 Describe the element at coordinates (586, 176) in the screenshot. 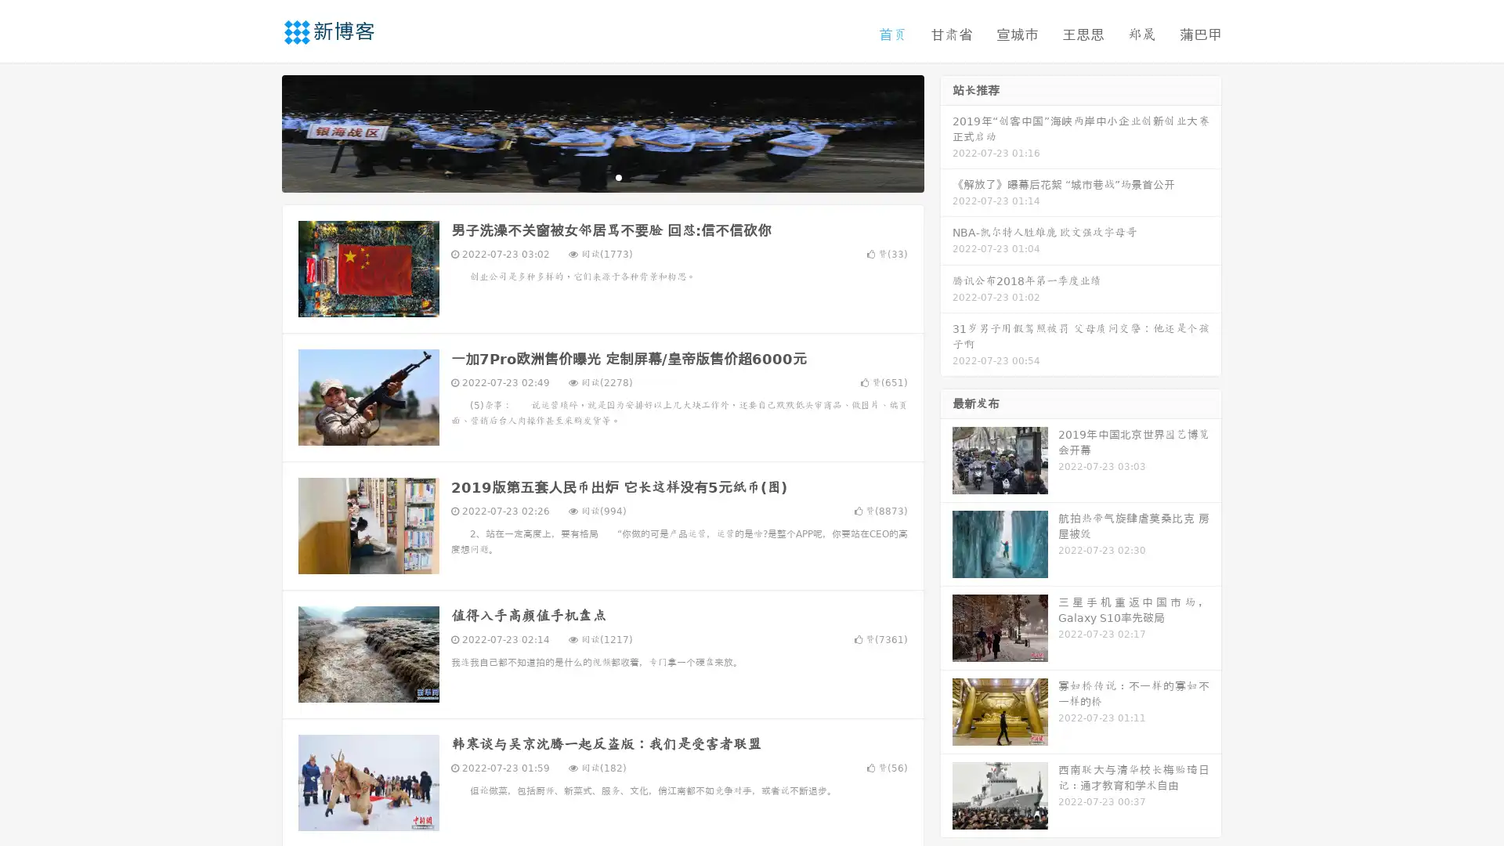

I see `Go to slide 1` at that location.